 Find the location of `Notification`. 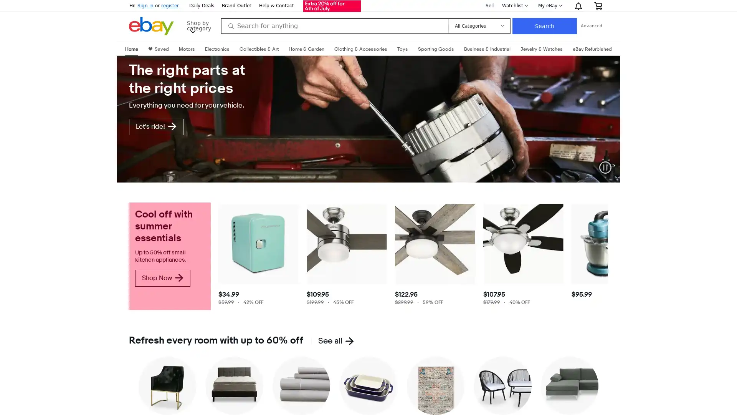

Notification is located at coordinates (578, 6).